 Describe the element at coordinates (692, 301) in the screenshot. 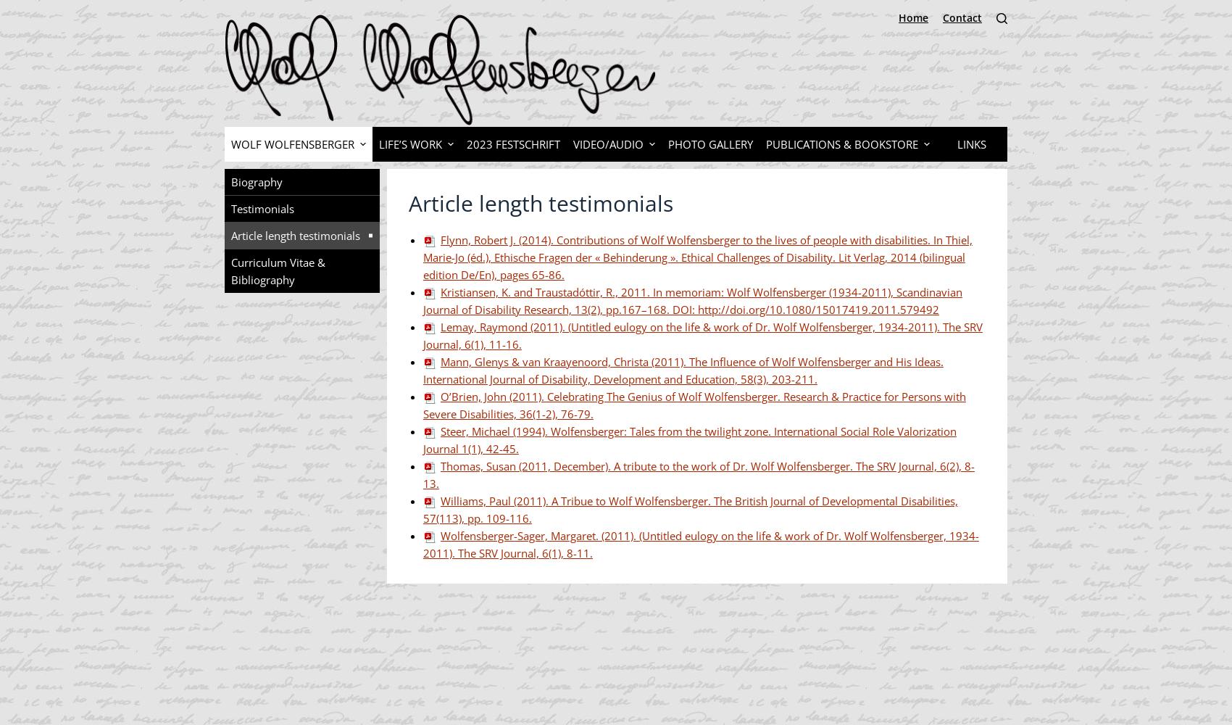

I see `'Kristiansen, K. and Traustadóttir, R., 2011. In memoriam: Wolf Wolfensberger (1934-2011), Scandinavian Journal of Disability Research, 13(2), pp.167–168. DOI: http://doi.org/10.1080/15017419.2011.579492'` at that location.